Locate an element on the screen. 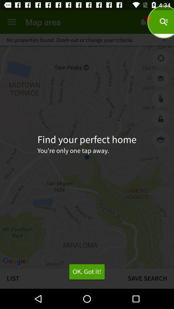  icon to the right of the list is located at coordinates (147, 278).